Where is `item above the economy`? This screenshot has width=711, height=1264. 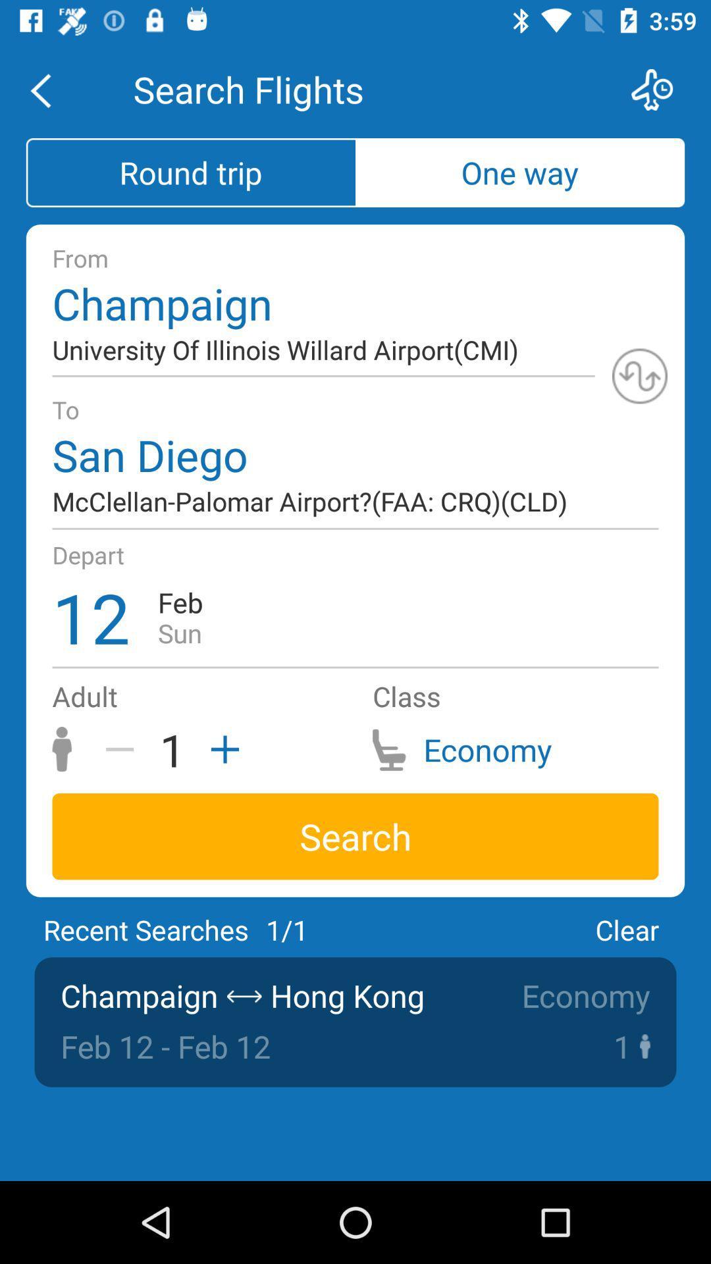 item above the economy is located at coordinates (626, 929).